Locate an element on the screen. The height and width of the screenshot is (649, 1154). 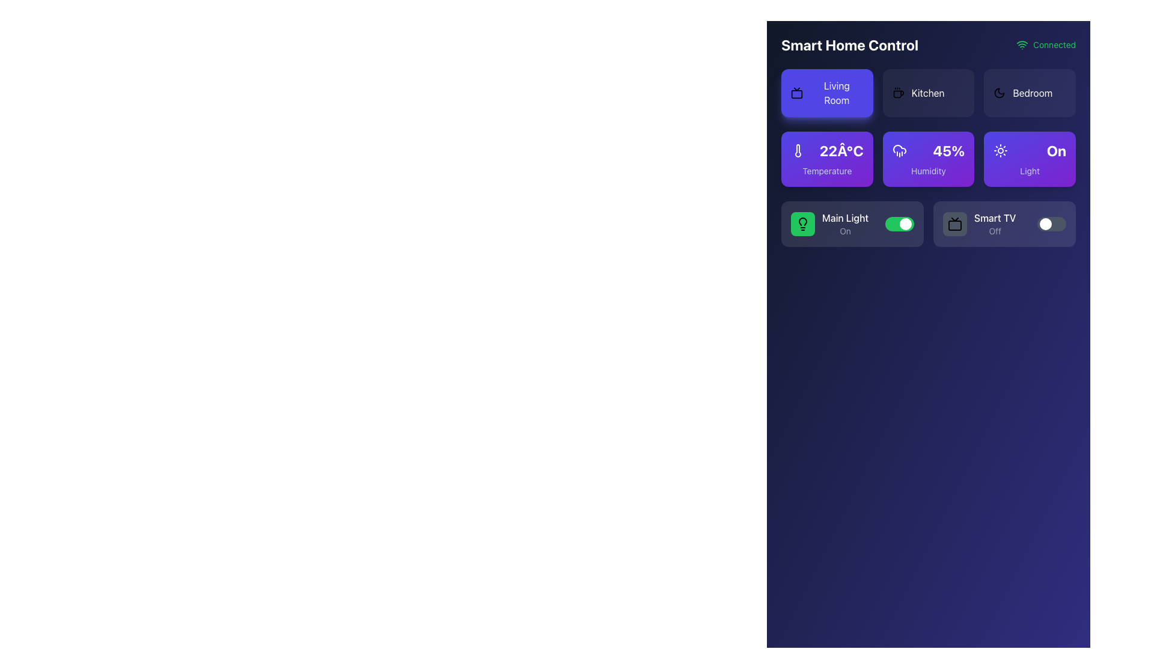
the 'Living Room' button with a purple background and a television icon on its left side to confirm selection is located at coordinates (826, 92).